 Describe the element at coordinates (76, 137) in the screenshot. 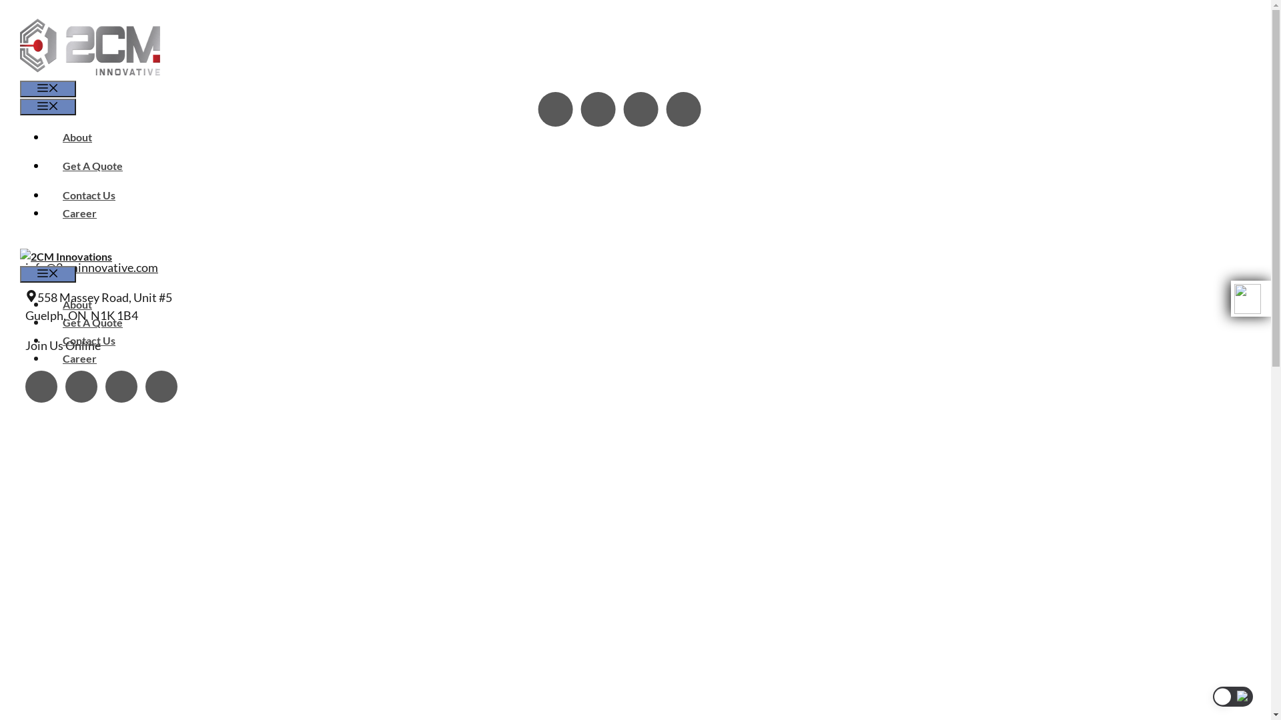

I see `'About'` at that location.